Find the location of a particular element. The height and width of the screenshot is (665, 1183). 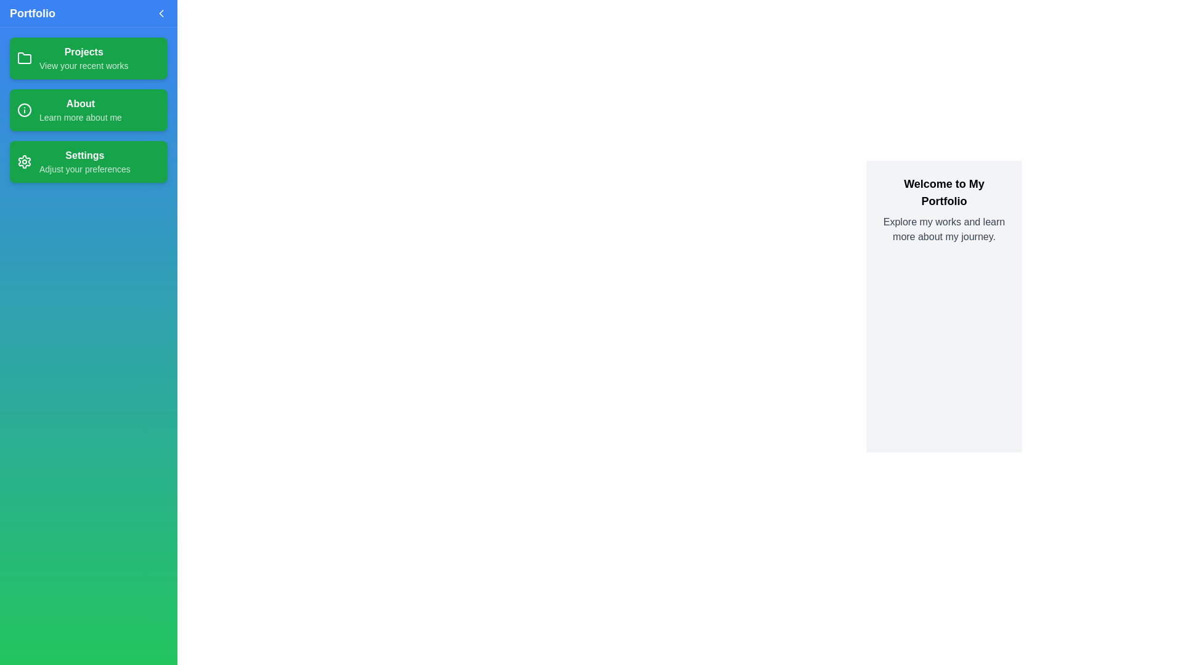

the section labeled 'Settings' to observe its hover effect is located at coordinates (88, 161).